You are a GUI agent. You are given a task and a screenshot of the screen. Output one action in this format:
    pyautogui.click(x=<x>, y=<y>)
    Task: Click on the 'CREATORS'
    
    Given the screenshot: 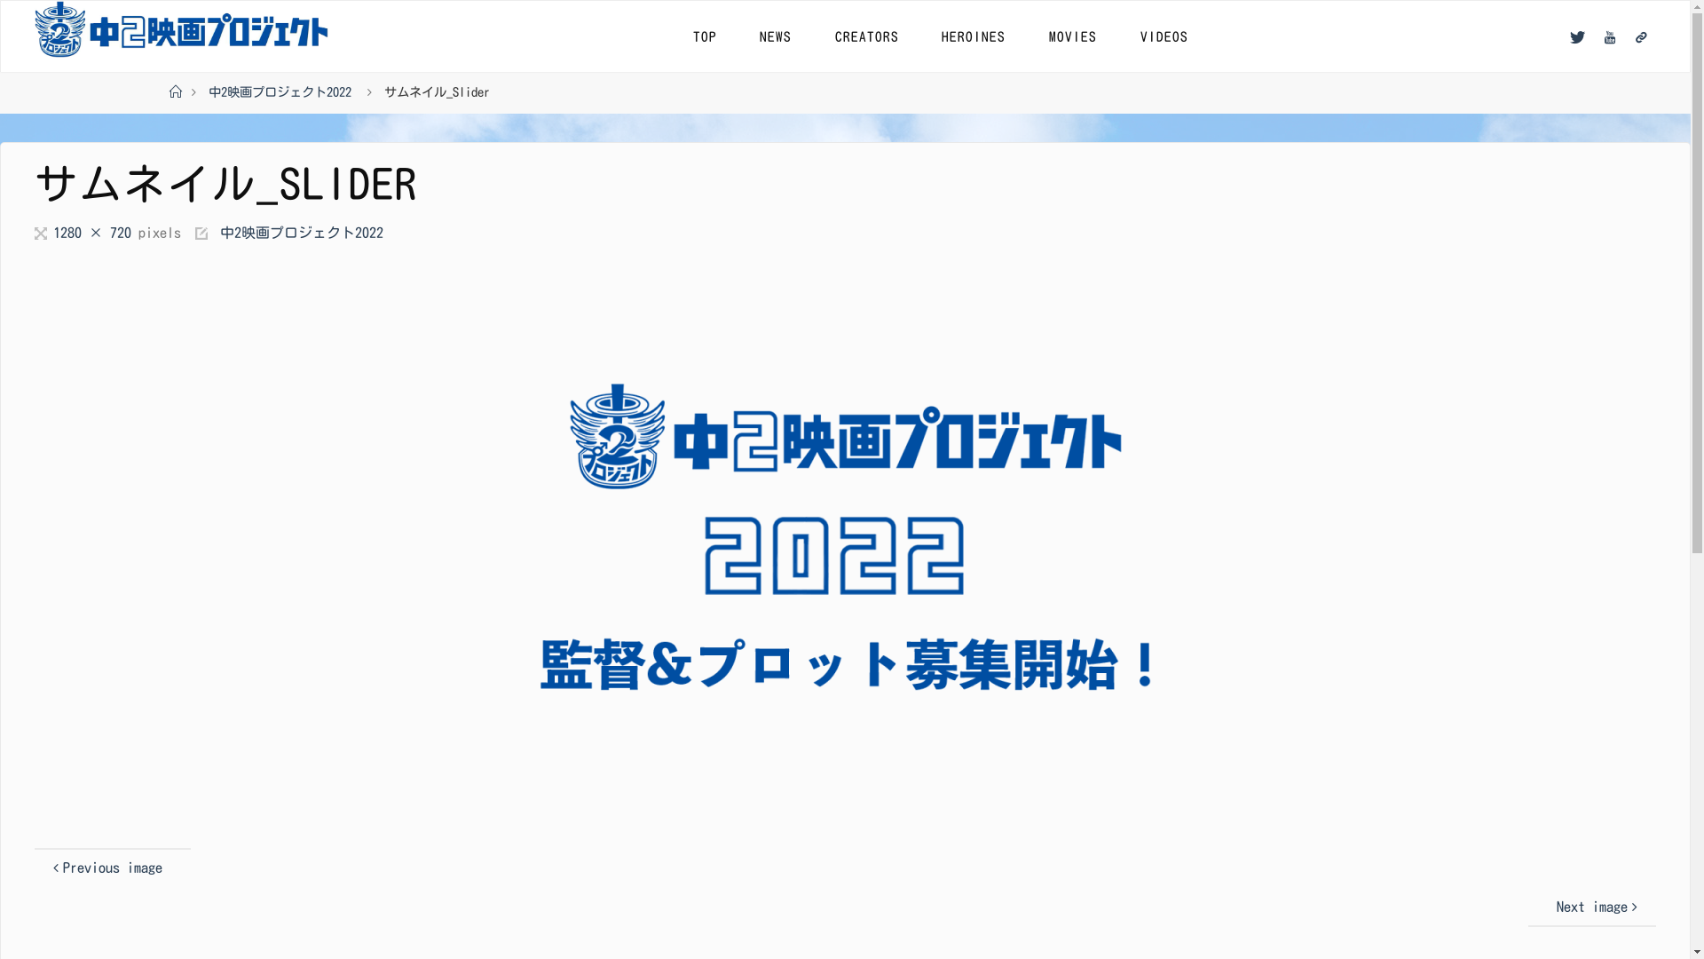 What is the action you would take?
    pyautogui.click(x=812, y=36)
    